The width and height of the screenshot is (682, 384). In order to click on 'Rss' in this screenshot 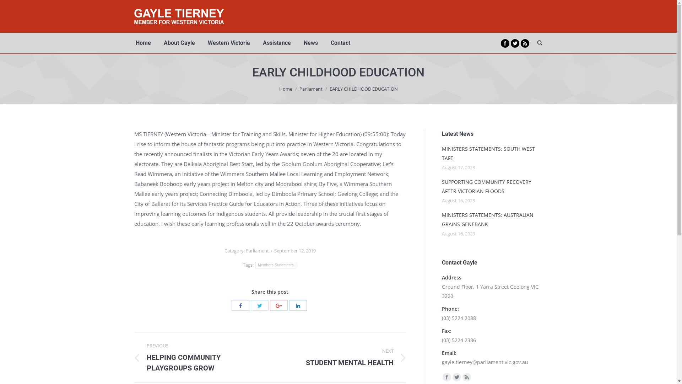, I will do `click(525, 43)`.